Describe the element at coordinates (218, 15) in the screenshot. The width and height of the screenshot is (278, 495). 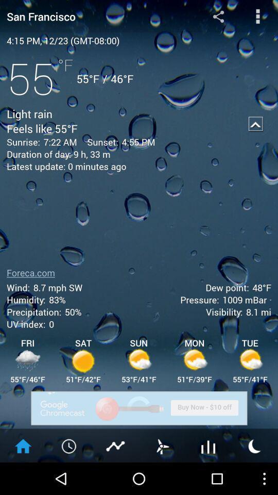
I see `the item next to san francisco` at that location.